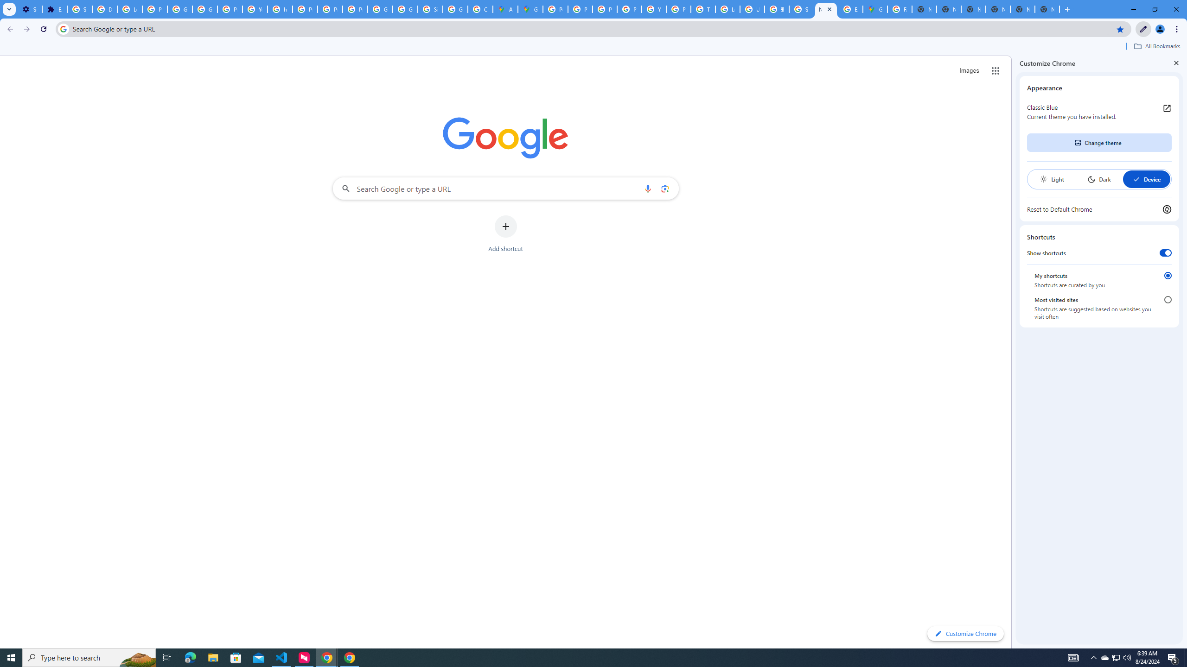 The width and height of the screenshot is (1187, 667). What do you see at coordinates (1136, 179) in the screenshot?
I see `'AutomationID: baseSvg'` at bounding box center [1136, 179].